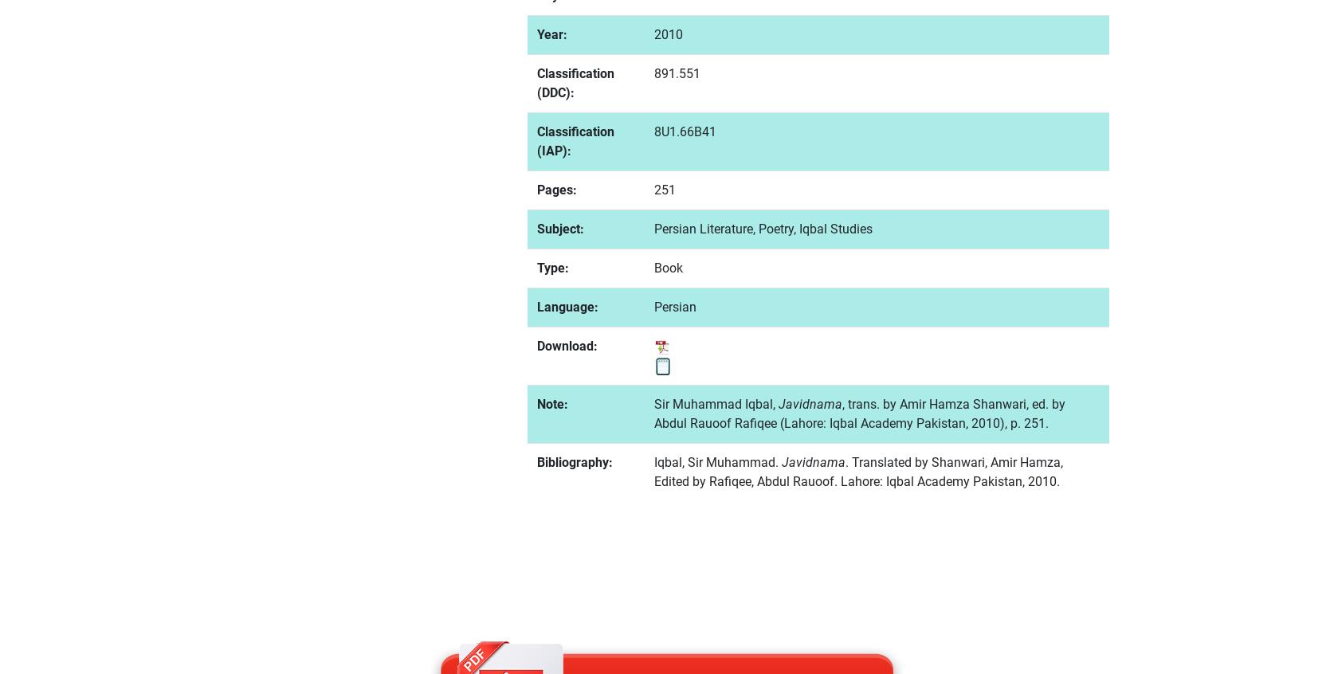 This screenshot has width=1334, height=674. Describe the element at coordinates (715, 403) in the screenshot. I see `'Sir Muhammad Iqbal,'` at that location.